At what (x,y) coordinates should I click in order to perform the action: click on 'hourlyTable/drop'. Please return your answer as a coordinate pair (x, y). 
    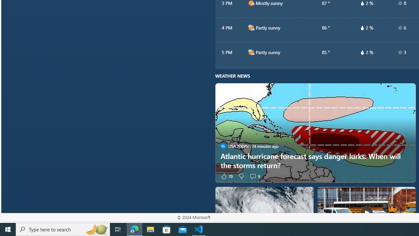
    Looking at the image, I should click on (362, 52).